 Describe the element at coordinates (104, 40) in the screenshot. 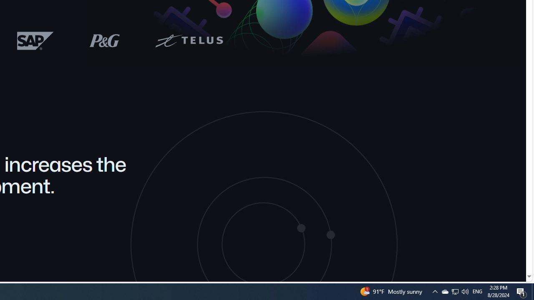

I see `'P&G logo'` at that location.